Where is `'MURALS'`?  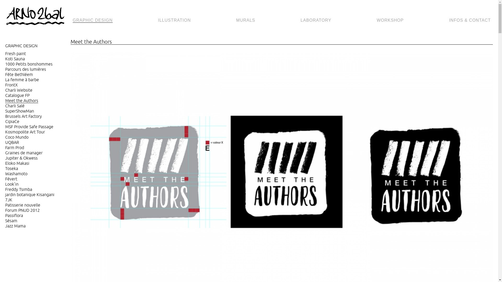
'MURALS' is located at coordinates (245, 20).